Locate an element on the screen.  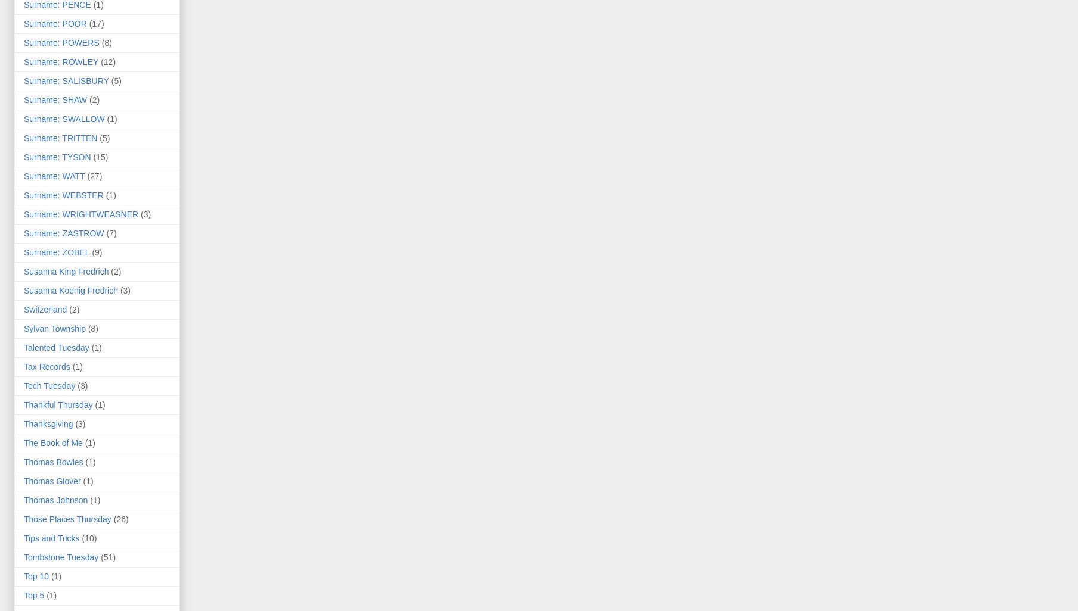
'Switzerland' is located at coordinates (45, 309).